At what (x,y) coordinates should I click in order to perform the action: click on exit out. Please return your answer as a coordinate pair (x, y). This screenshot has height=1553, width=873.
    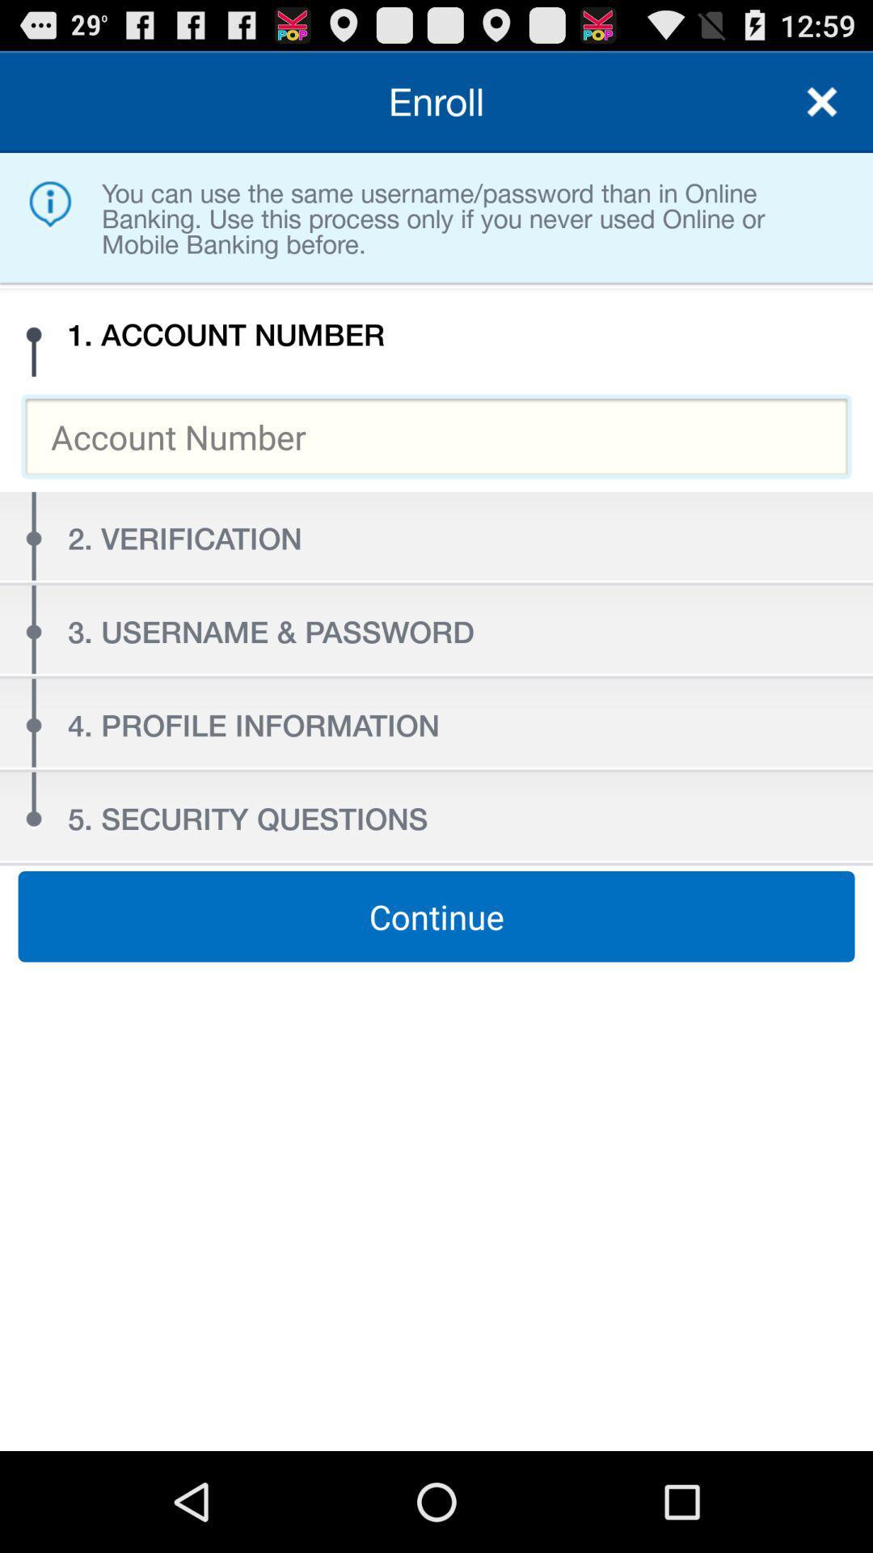
    Looking at the image, I should click on (822, 100).